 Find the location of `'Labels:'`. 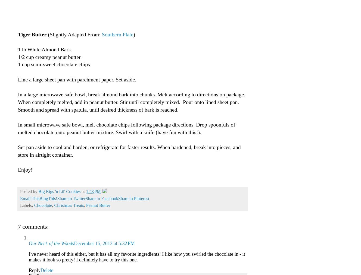

'Labels:' is located at coordinates (27, 206).